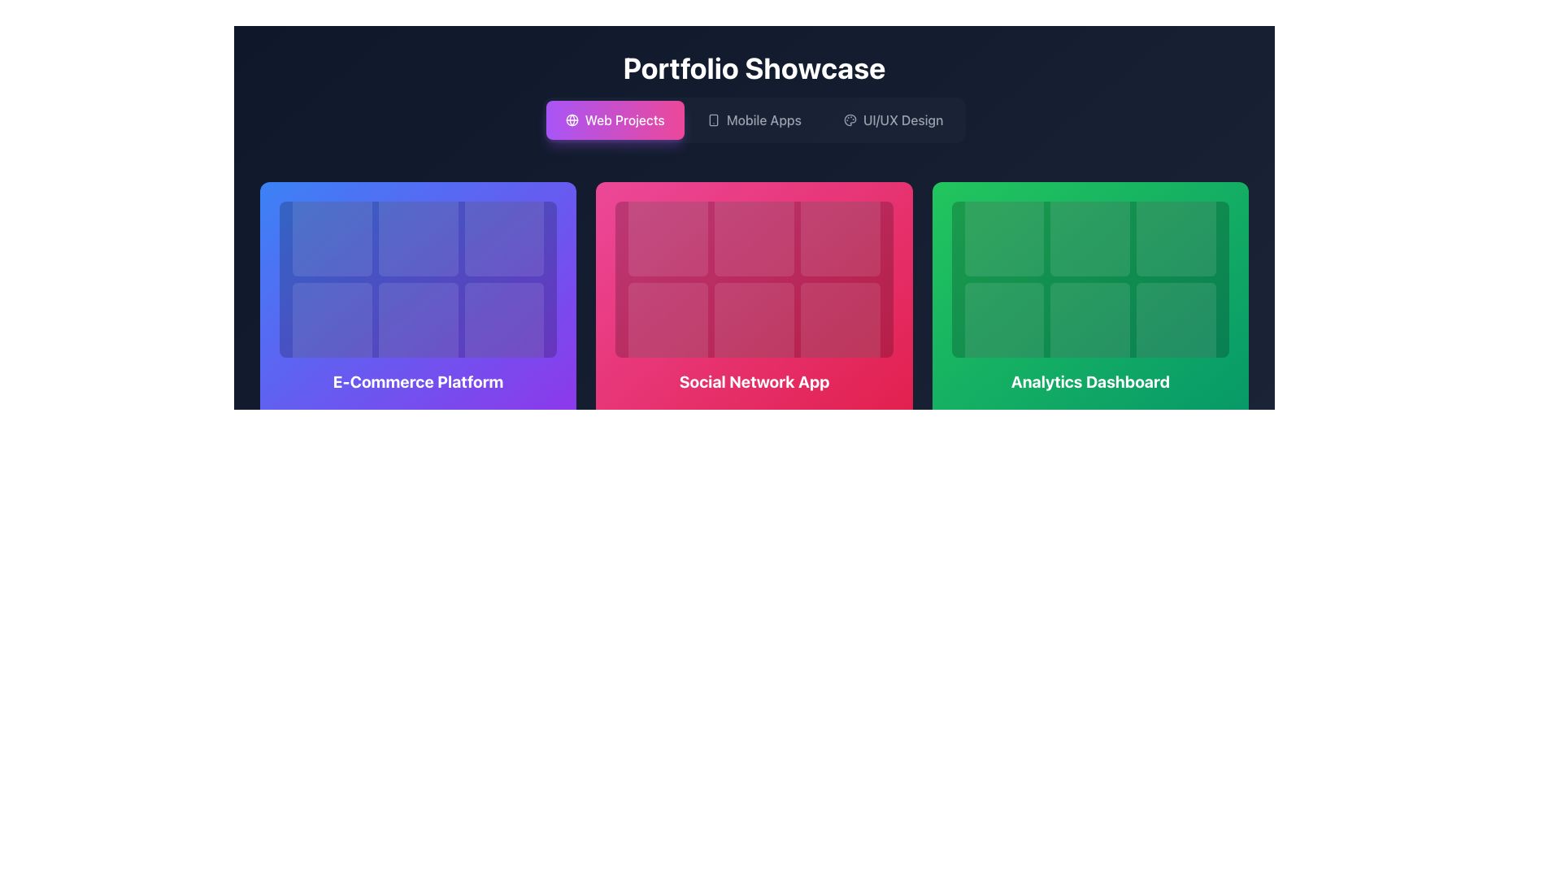 The height and width of the screenshot is (878, 1561). I want to click on the square grid item with a pink background located in the second row and first column of the grid in the 'Social Network App' section, so click(668, 322).